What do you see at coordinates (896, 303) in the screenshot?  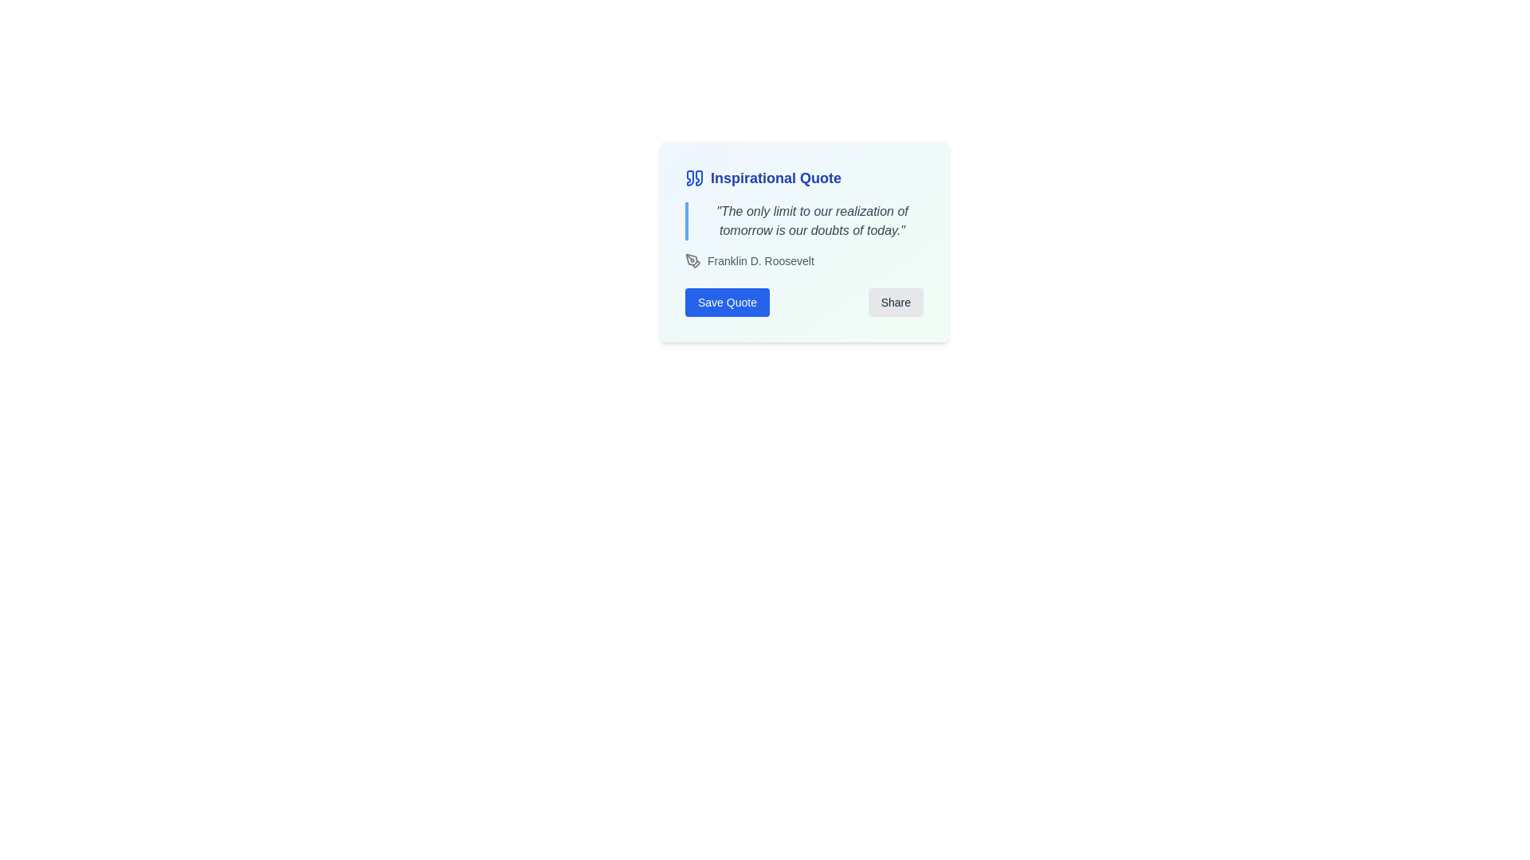 I see `the 'Share' button, which is a rounded rectangle with light gray background and dark gray text, located at the bottom-right corner of a card-like component` at bounding box center [896, 303].